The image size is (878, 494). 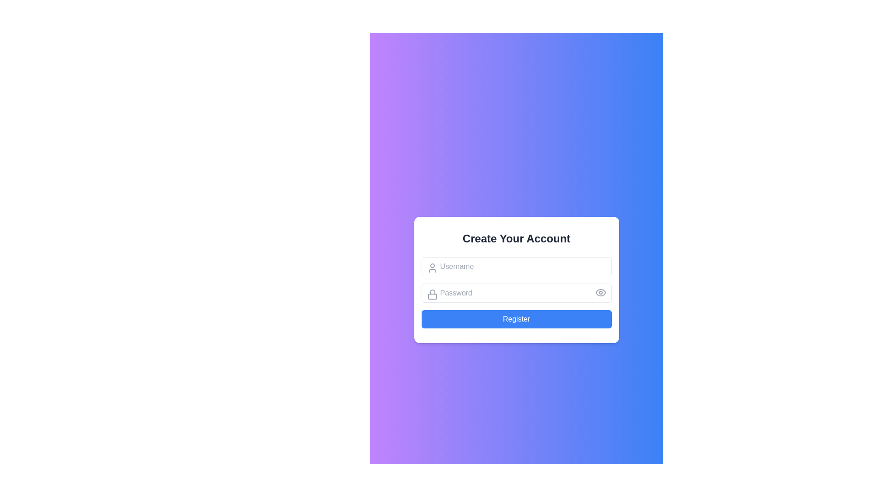 I want to click on the 'Register' button, which is a rectangular button with a blue background and white text, so click(x=516, y=319).